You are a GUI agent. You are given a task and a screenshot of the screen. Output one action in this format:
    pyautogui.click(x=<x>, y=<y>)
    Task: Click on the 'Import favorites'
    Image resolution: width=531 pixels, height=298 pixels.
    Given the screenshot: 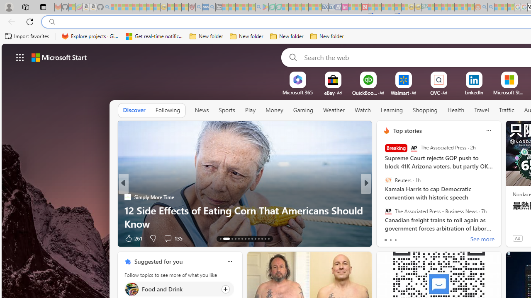 What is the action you would take?
    pyautogui.click(x=27, y=36)
    